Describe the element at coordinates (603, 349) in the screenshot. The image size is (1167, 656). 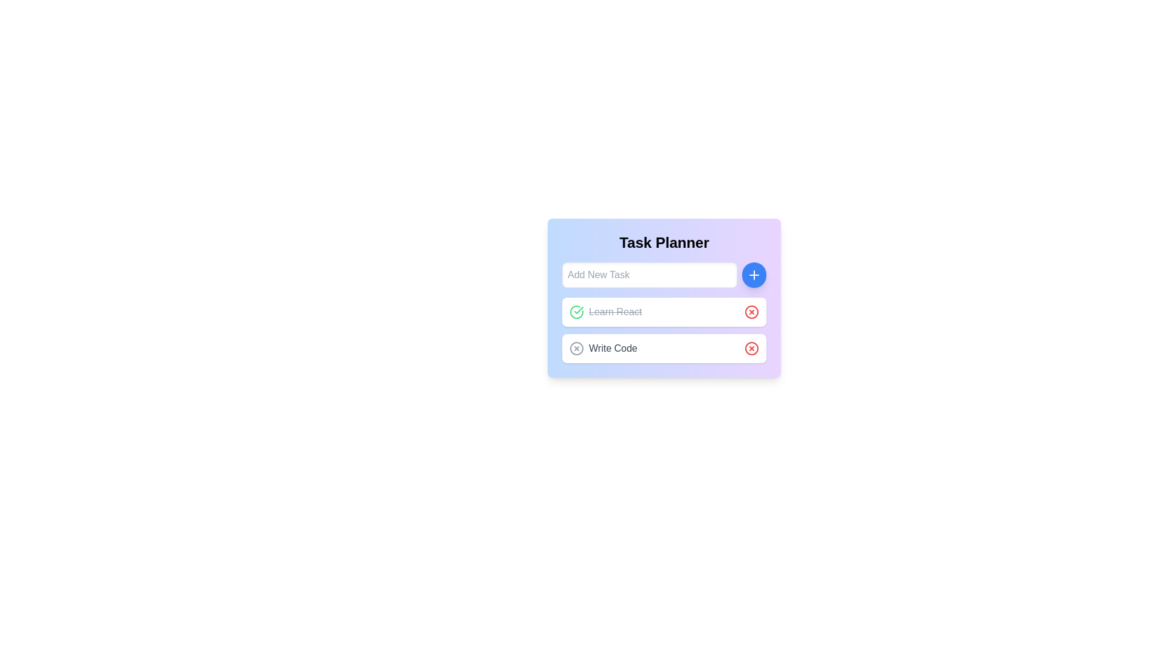
I see `the left icon of the task item titled 'Write Code'` at that location.